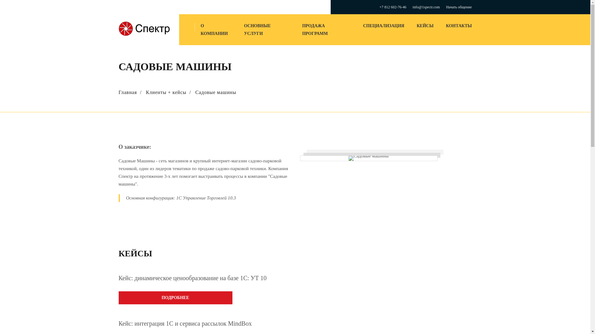  What do you see at coordinates (425, 7) in the screenshot?
I see `'info@1spectr.com'` at bounding box center [425, 7].